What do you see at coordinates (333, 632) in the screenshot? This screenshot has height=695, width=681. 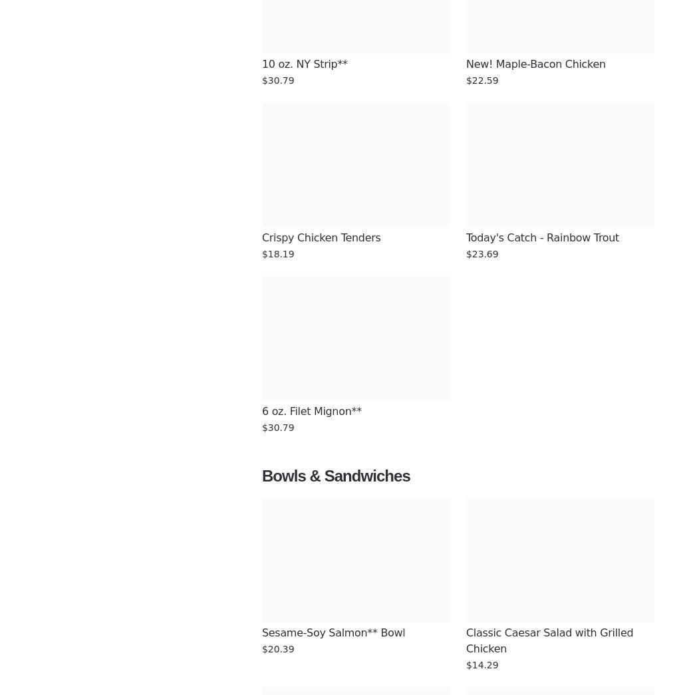 I see `'Sesame-Soy Salmon** Bowl'` at bounding box center [333, 632].